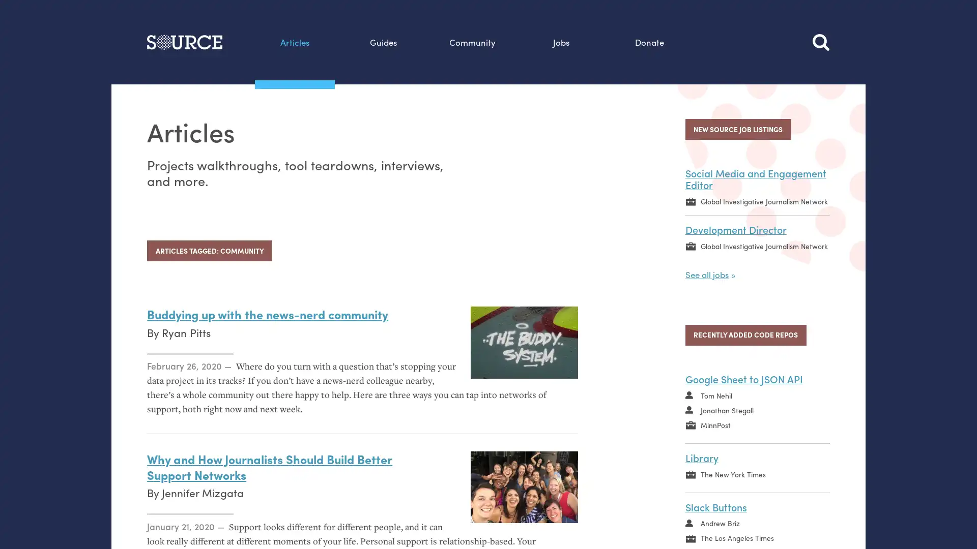 The image size is (977, 549). What do you see at coordinates (111, 84) in the screenshot?
I see `Search this site` at bounding box center [111, 84].